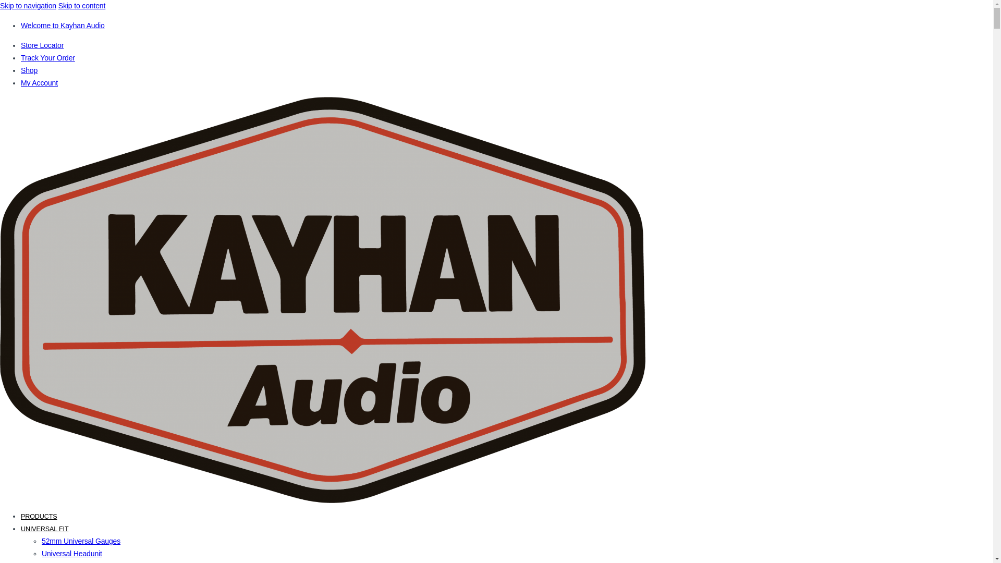  Describe the element at coordinates (20, 58) in the screenshot. I see `'Track Your Order'` at that location.